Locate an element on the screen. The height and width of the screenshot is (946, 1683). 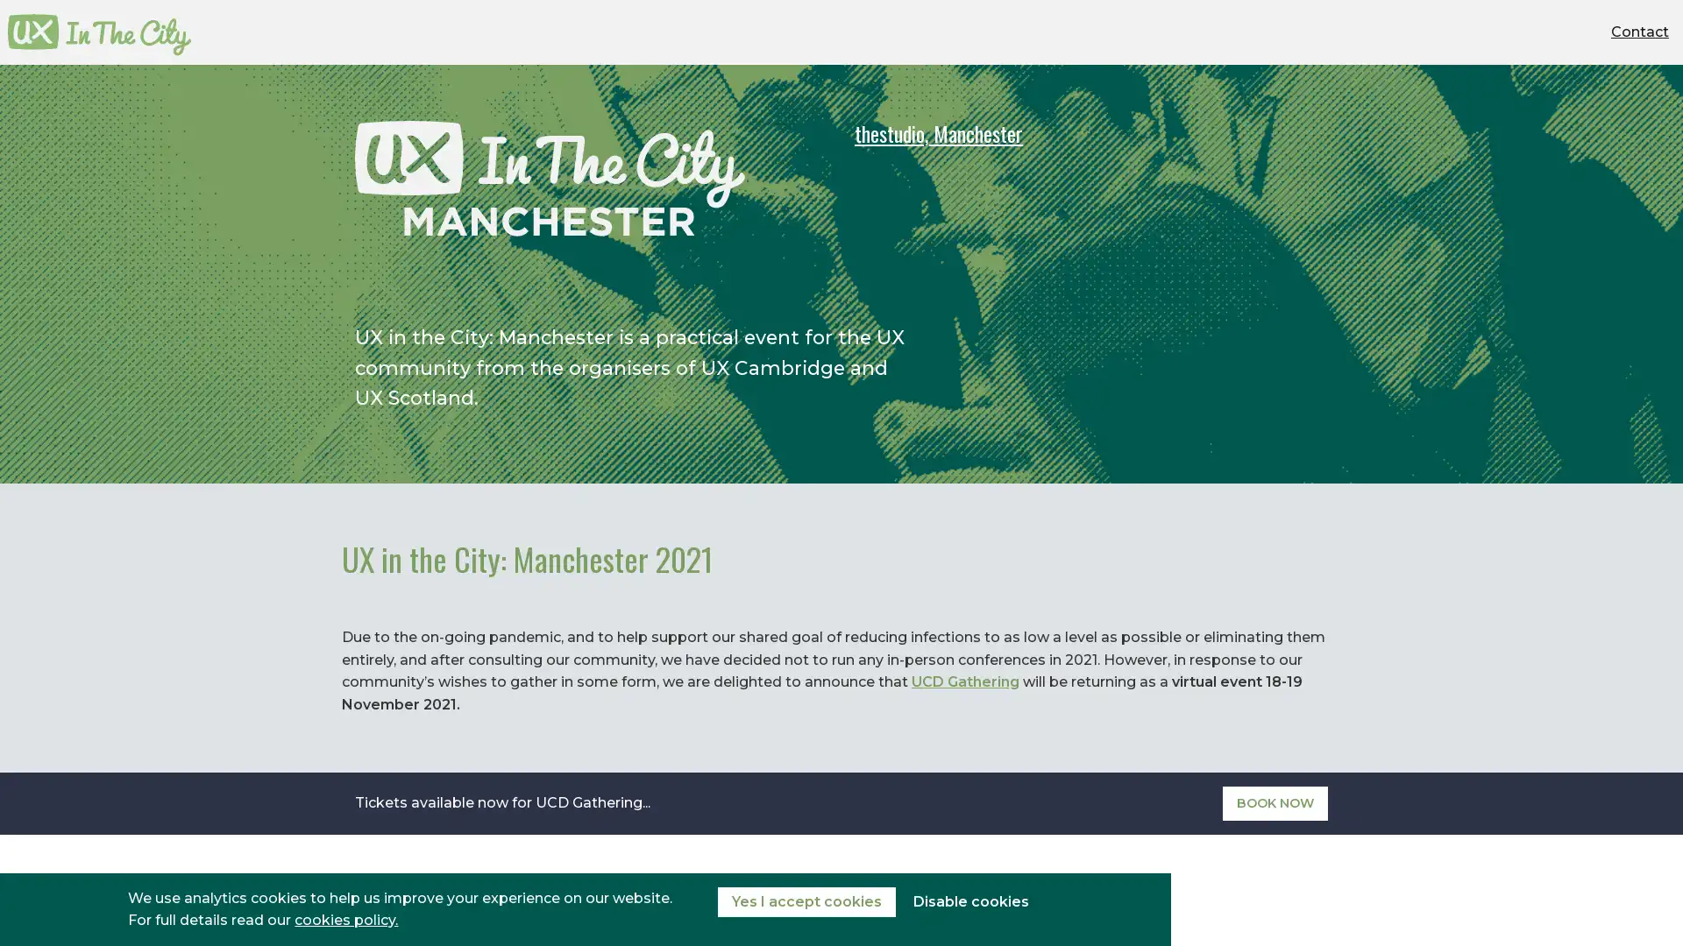
Yes I accept cookies is located at coordinates (805, 901).